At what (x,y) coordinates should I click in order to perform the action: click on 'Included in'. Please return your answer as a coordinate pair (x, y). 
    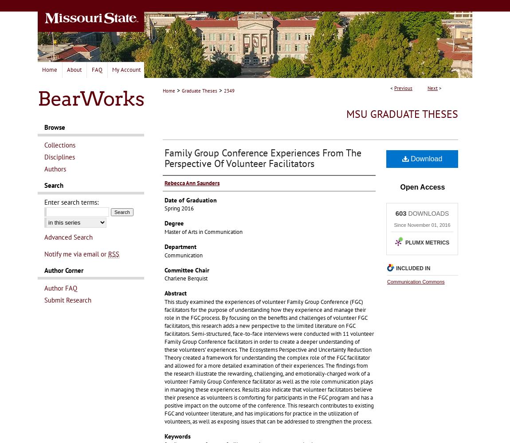
    Looking at the image, I should click on (413, 268).